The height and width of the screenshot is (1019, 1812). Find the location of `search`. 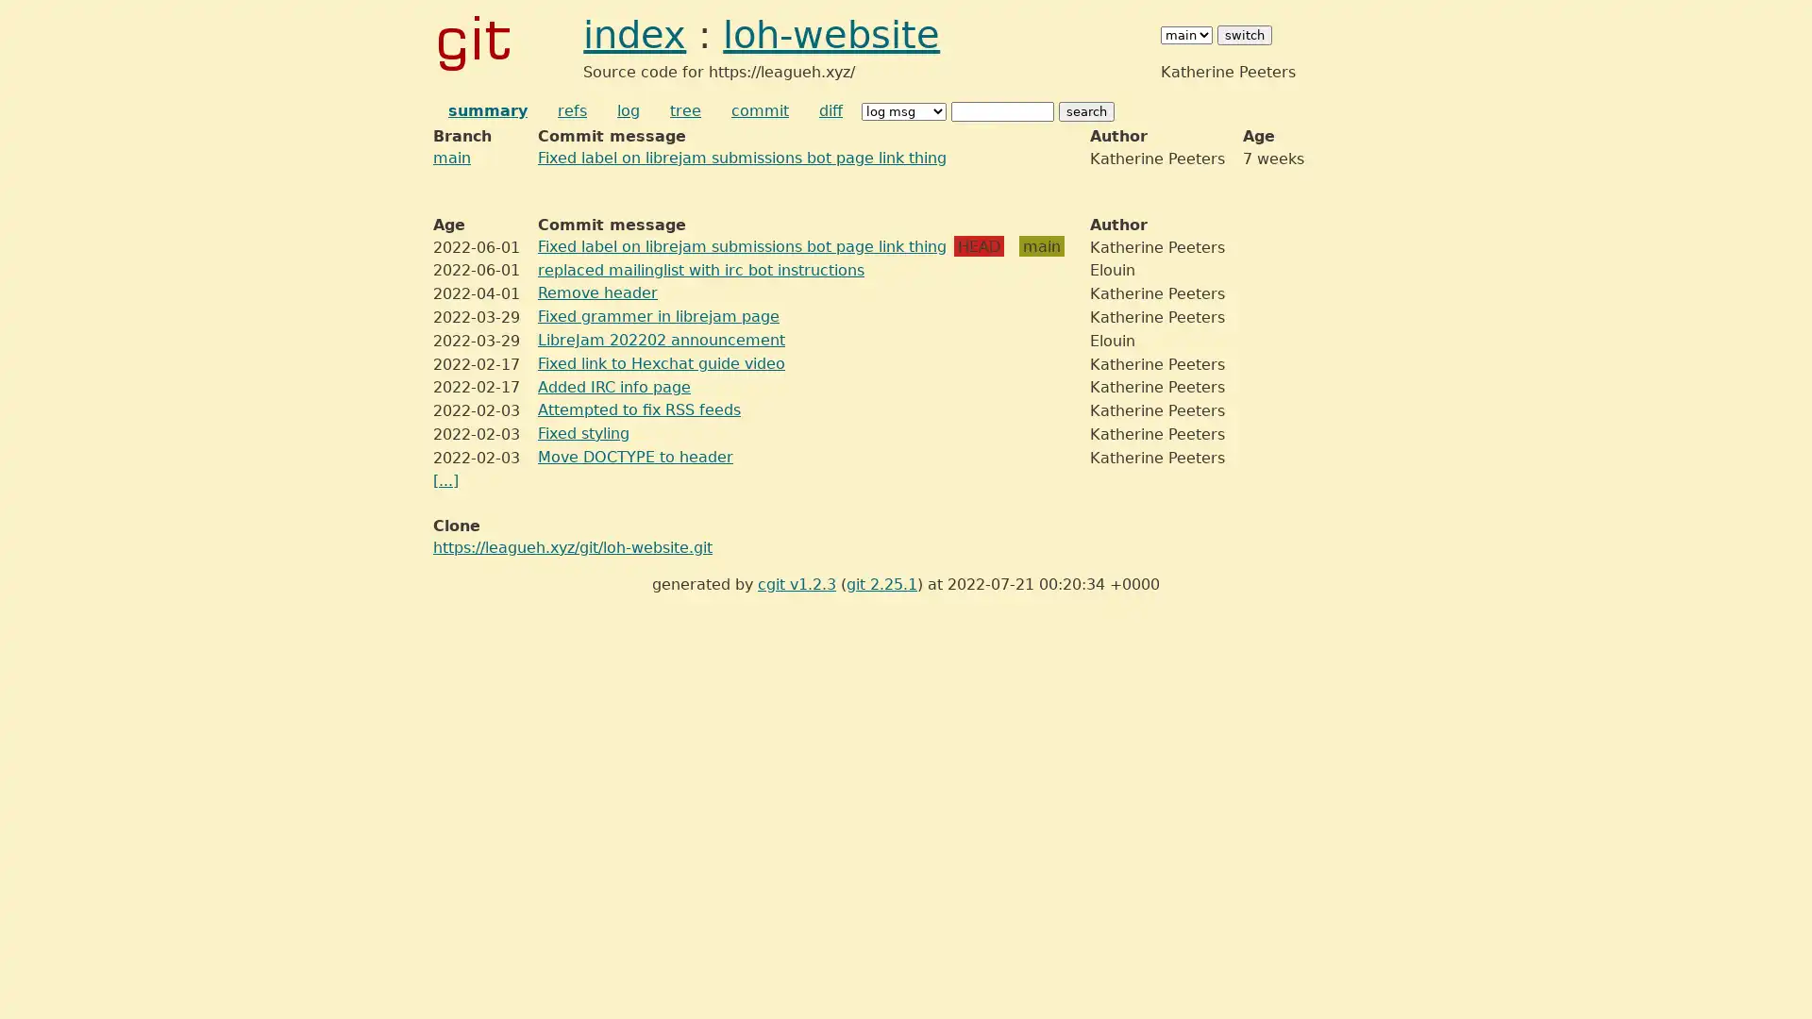

search is located at coordinates (1086, 111).